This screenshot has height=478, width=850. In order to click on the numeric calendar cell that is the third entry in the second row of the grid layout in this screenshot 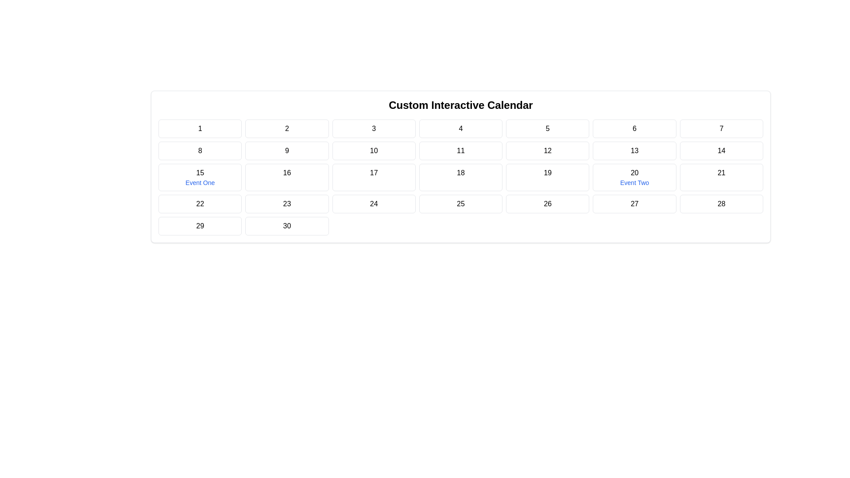, I will do `click(374, 150)`.